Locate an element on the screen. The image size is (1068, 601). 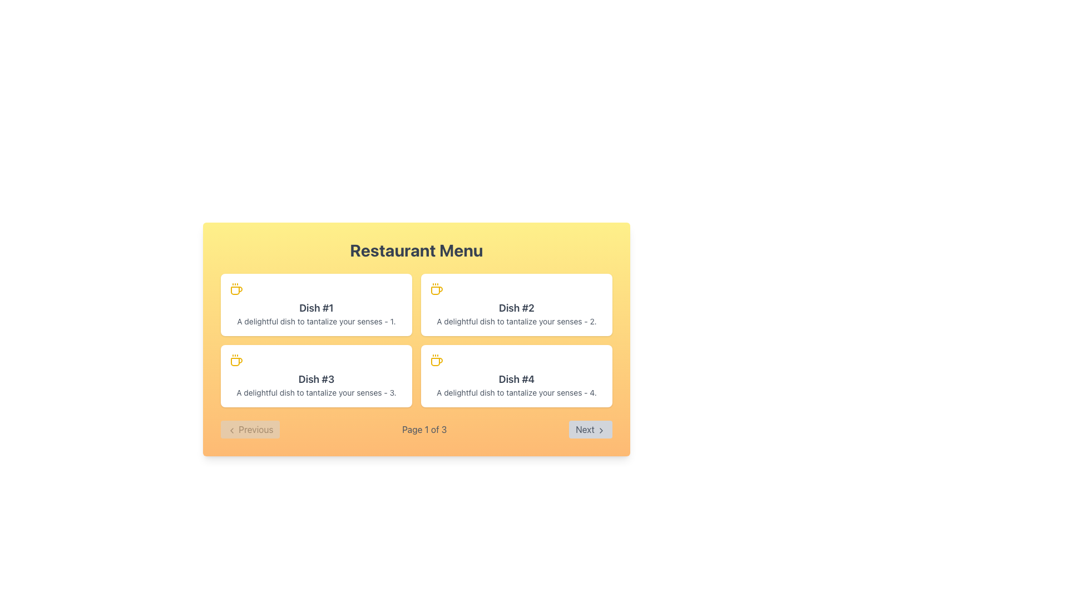
the right-facing chevron icon styled as an SVG graphic, located within the 'Next' button at the bottom-right corner of the interface is located at coordinates (600, 430).